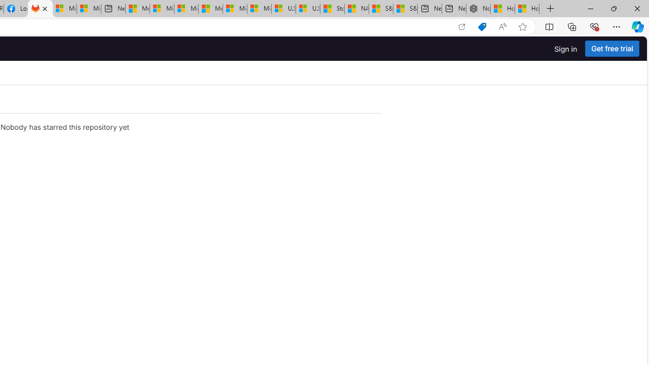  What do you see at coordinates (636, 8) in the screenshot?
I see `'Close'` at bounding box center [636, 8].